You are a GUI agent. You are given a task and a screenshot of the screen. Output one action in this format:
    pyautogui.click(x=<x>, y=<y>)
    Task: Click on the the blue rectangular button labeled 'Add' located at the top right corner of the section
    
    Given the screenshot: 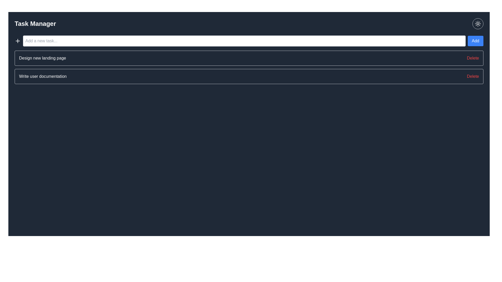 What is the action you would take?
    pyautogui.click(x=475, y=41)
    